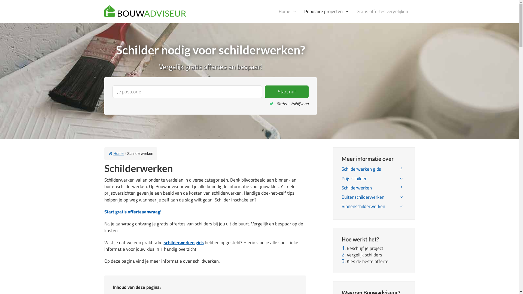  Describe the element at coordinates (373, 169) in the screenshot. I see `'Schilderwerken gids'` at that location.